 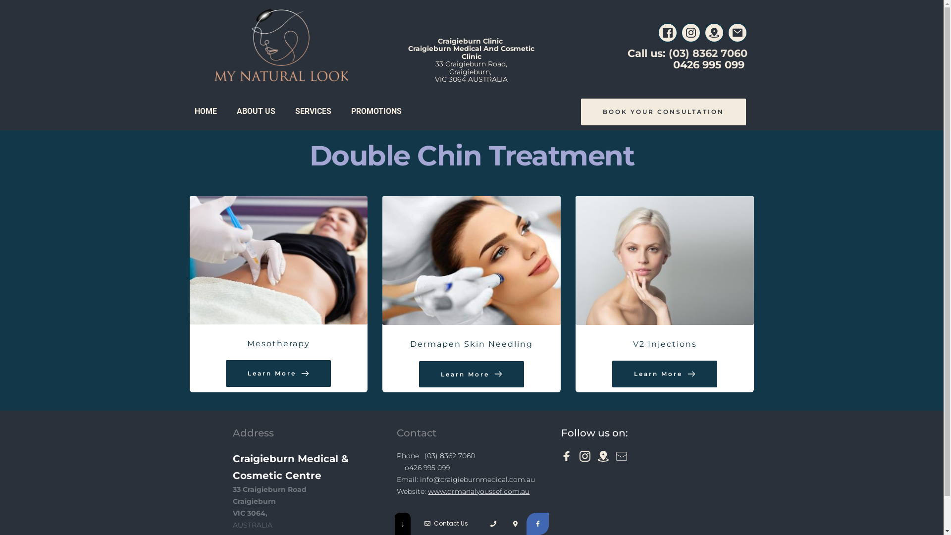 What do you see at coordinates (478, 491) in the screenshot?
I see `'www.drmanalyoussef.com.au'` at bounding box center [478, 491].